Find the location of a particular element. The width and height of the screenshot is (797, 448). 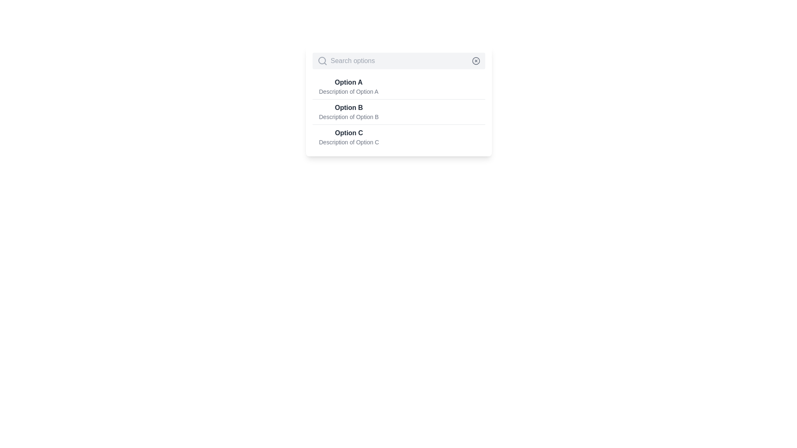

the first list item in the dropdown menu that displays 'Option A' in bold with a description below it is located at coordinates (349, 86).